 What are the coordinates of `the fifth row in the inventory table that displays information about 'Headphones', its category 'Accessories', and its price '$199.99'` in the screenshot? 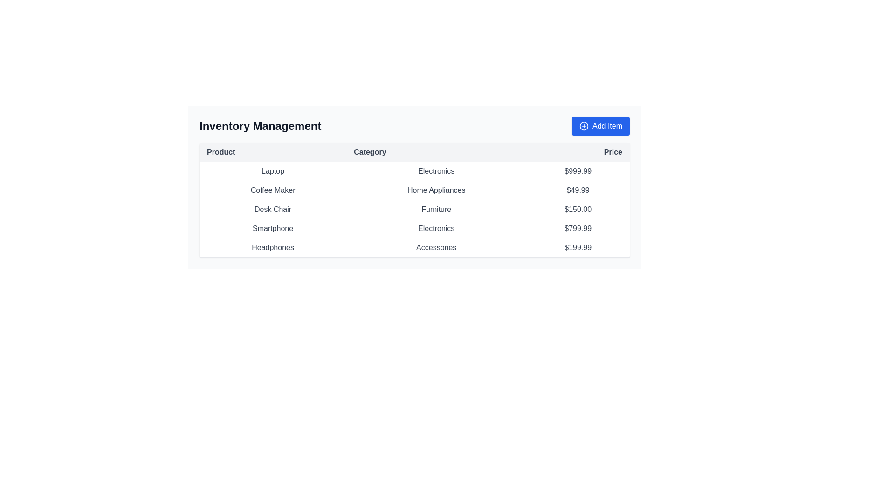 It's located at (414, 247).